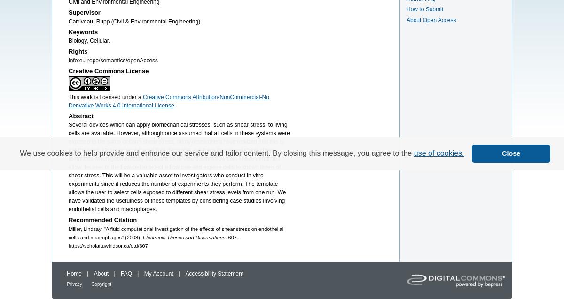 The height and width of the screenshot is (299, 564). I want to click on 'Home', so click(74, 273).